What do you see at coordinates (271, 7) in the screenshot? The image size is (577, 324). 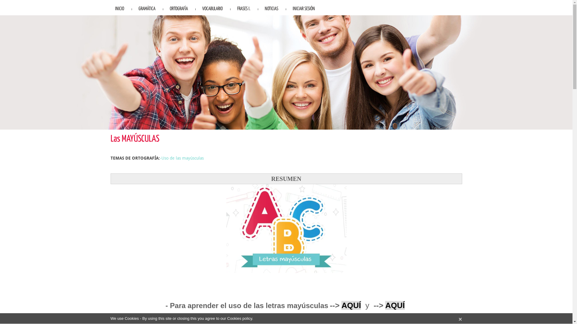 I see `'NOTICIAS'` at bounding box center [271, 7].